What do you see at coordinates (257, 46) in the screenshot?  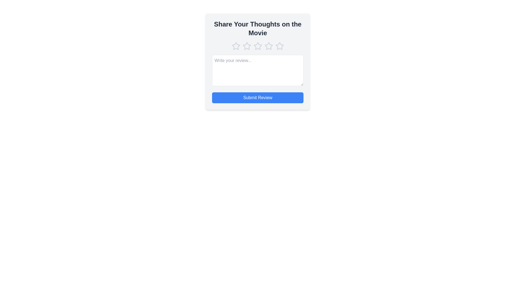 I see `on one of the stars in the star-based rating component located within the 'Share Your Thoughts on the Movie' panel` at bounding box center [257, 46].